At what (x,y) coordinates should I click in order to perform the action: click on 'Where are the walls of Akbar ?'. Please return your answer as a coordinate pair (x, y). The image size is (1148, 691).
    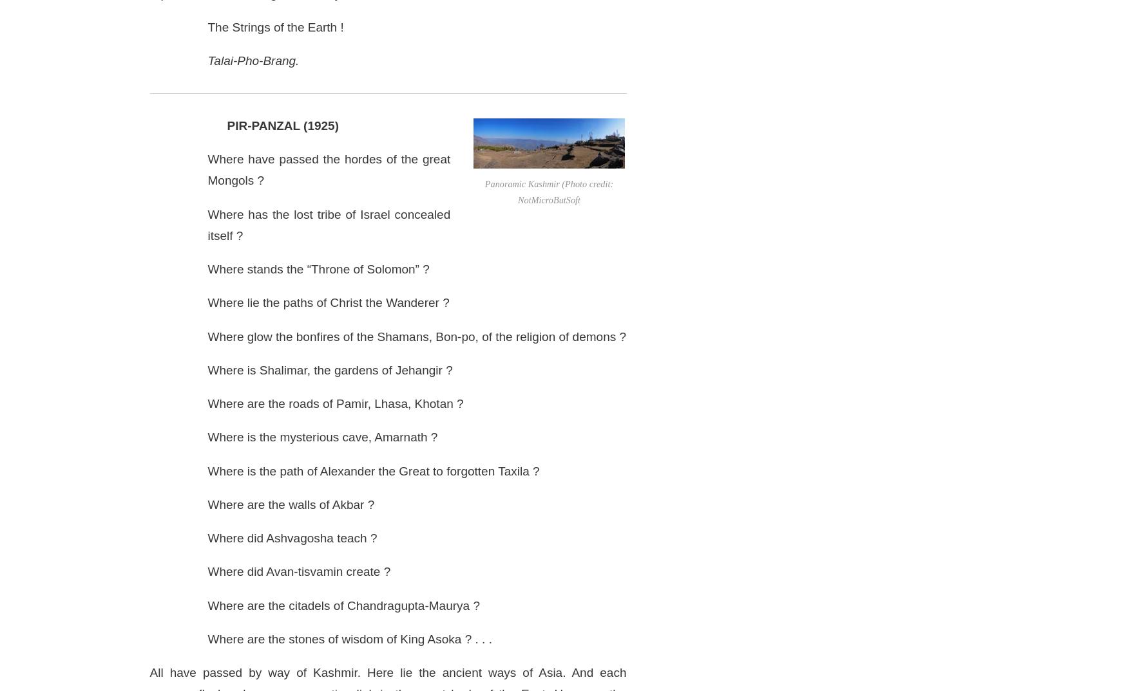
    Looking at the image, I should click on (290, 503).